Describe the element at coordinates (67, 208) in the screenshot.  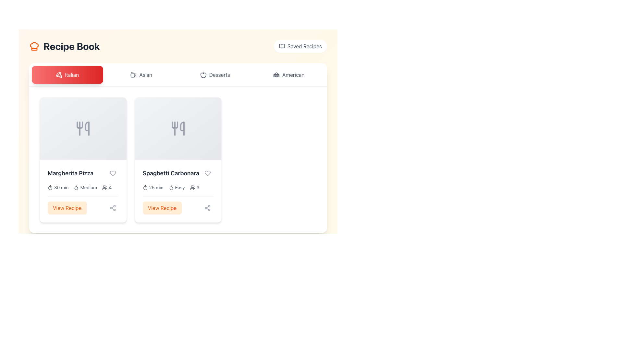
I see `the 'View Recipe' button, which is a rectangular button with rounded corners, light orange background, and orange text, located in the footer section of the 'Margherita Pizza' recipe card` at that location.